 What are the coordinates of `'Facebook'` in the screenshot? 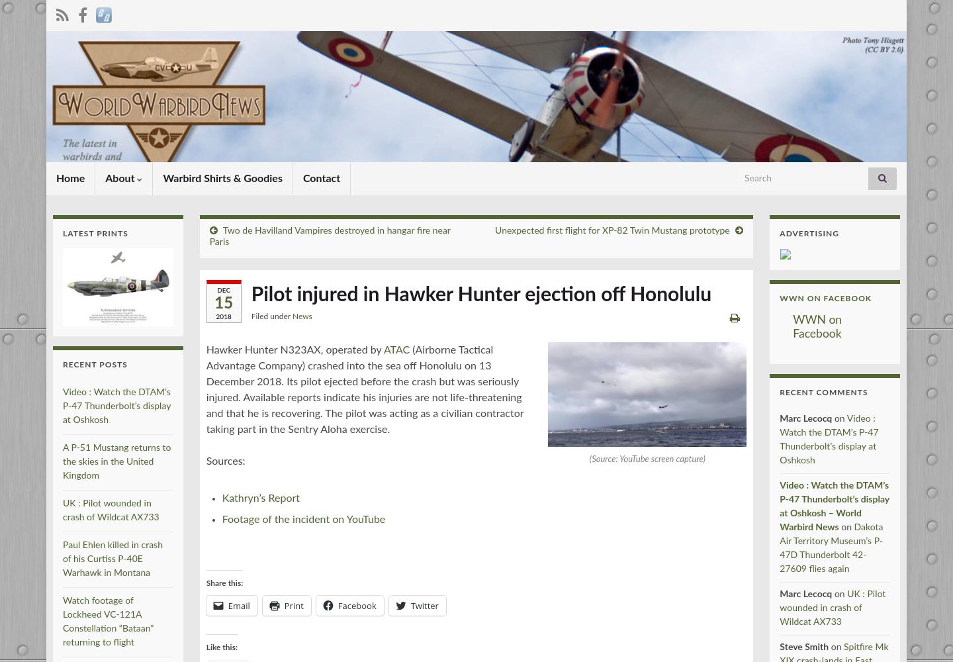 It's located at (355, 606).